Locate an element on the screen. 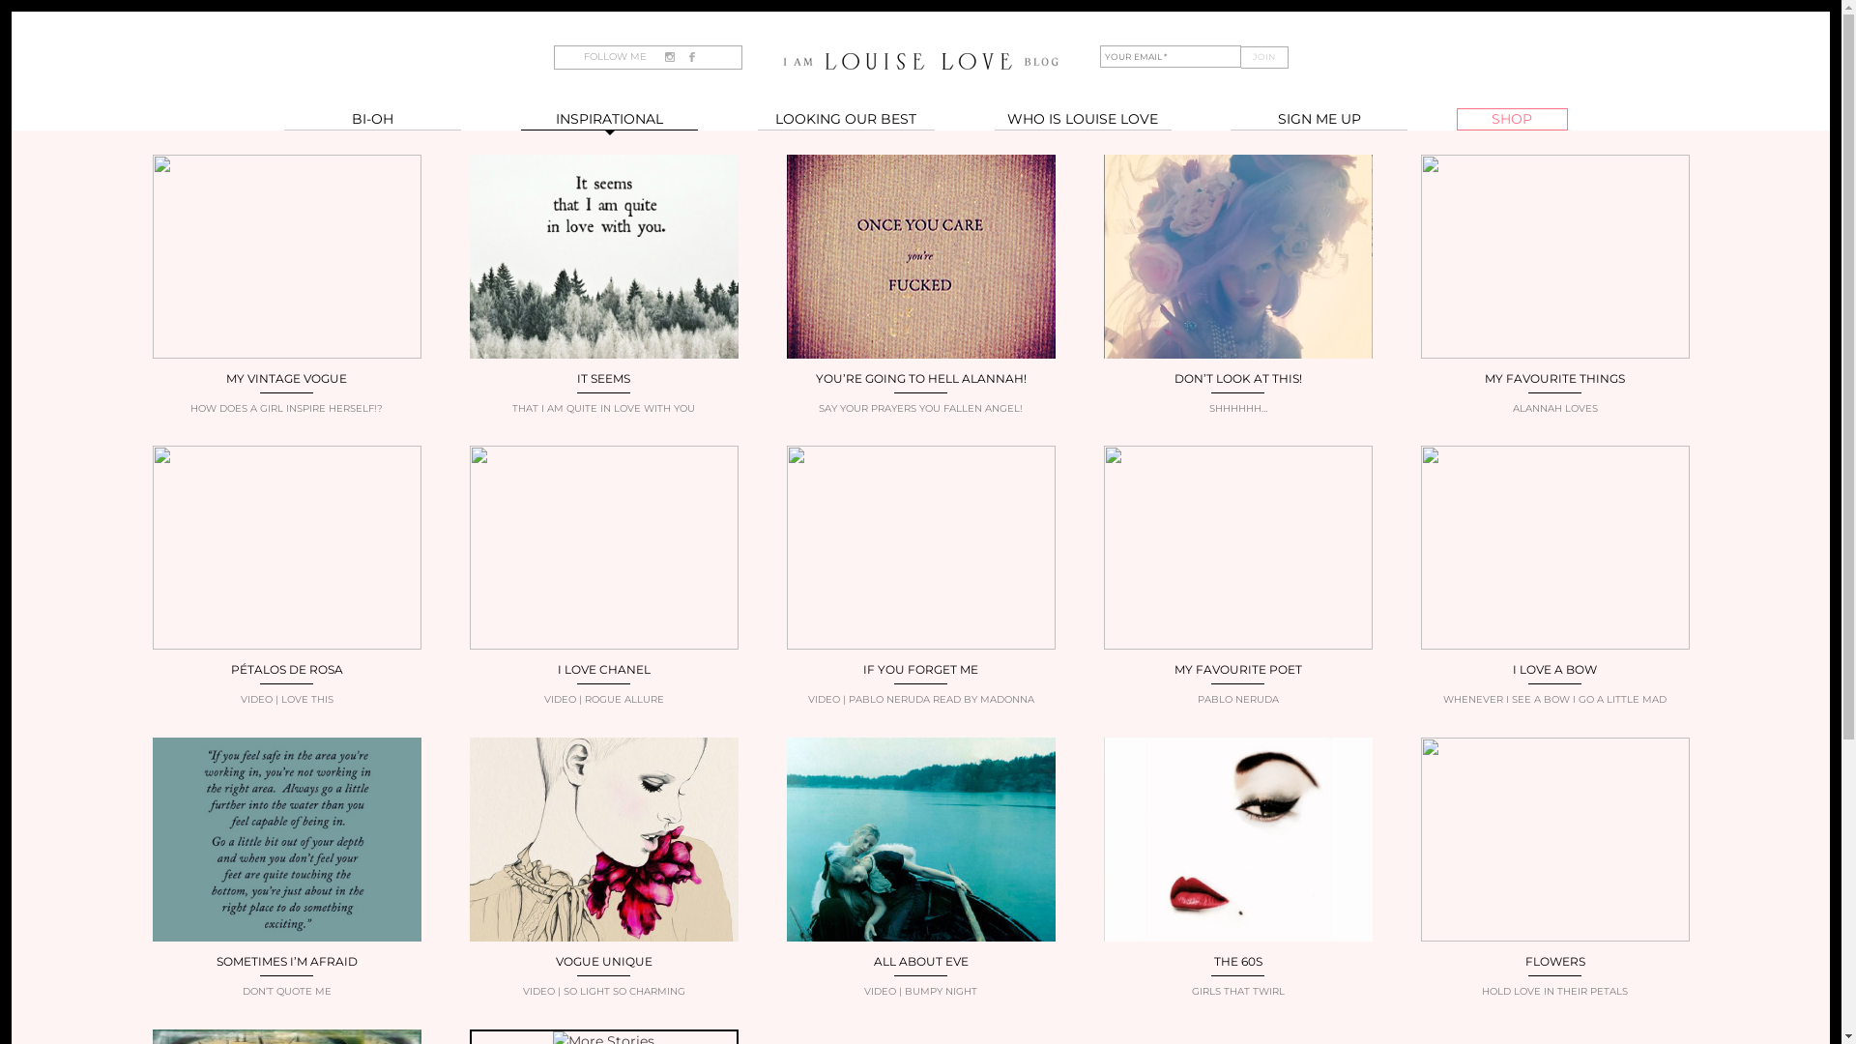 The width and height of the screenshot is (1856, 1044). 'LOOKING OUR BEST' is located at coordinates (756, 119).